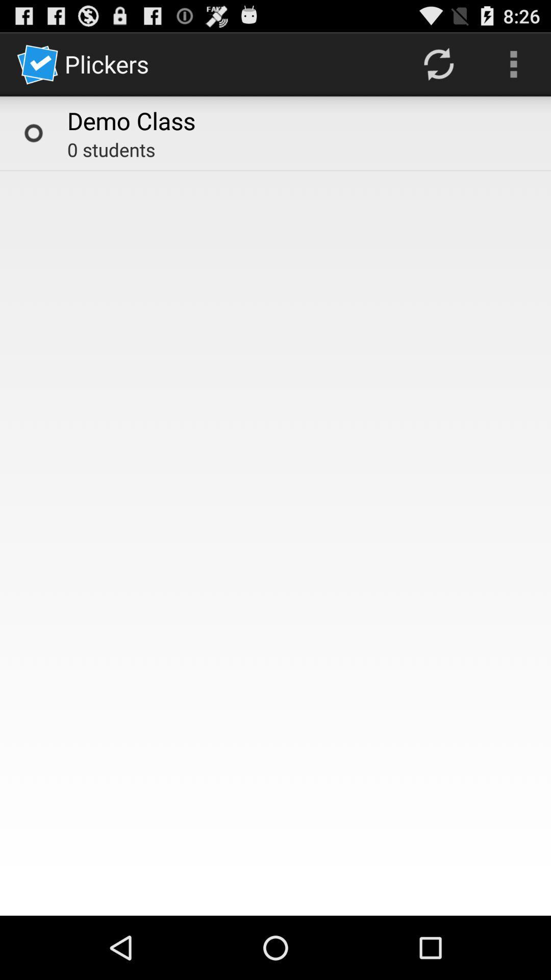  Describe the element at coordinates (438, 63) in the screenshot. I see `the item to the right of demo class` at that location.